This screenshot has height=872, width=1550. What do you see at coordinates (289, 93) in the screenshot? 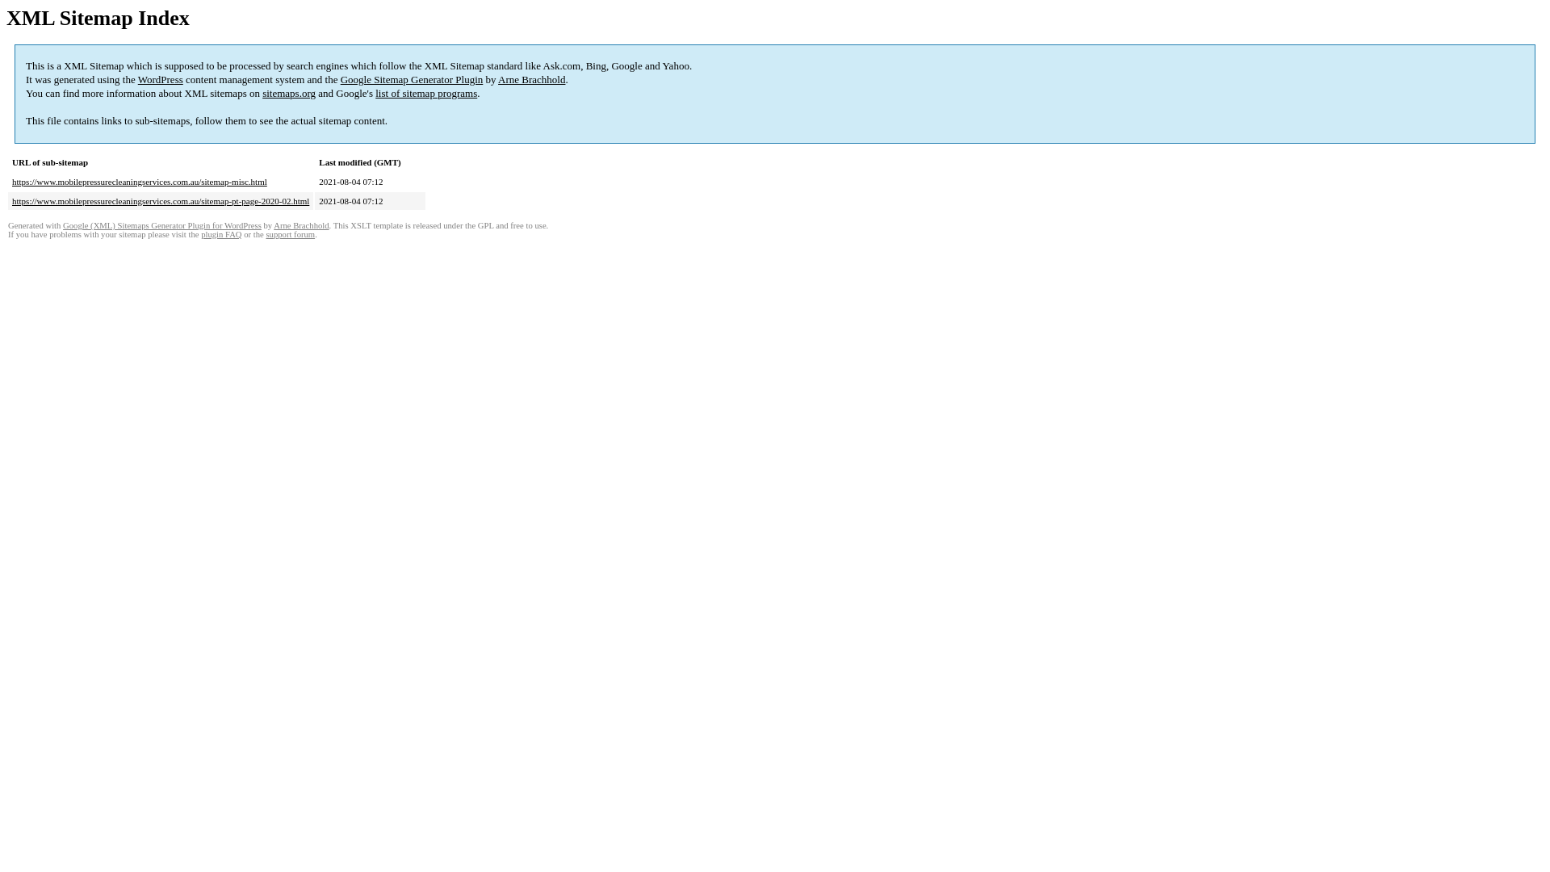
I see `'sitemaps.org'` at bounding box center [289, 93].